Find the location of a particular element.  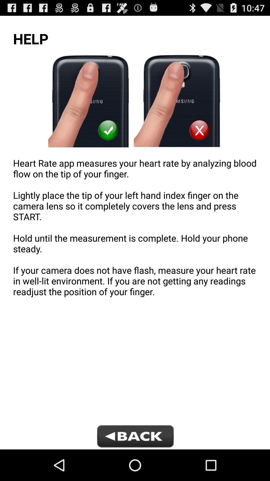

go back is located at coordinates (135, 437).